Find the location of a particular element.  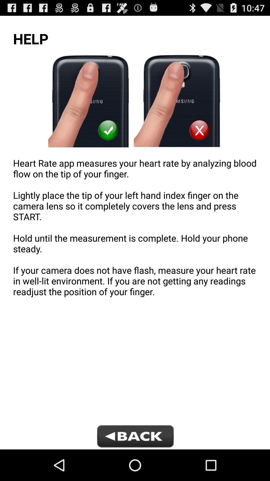

go back is located at coordinates (135, 437).